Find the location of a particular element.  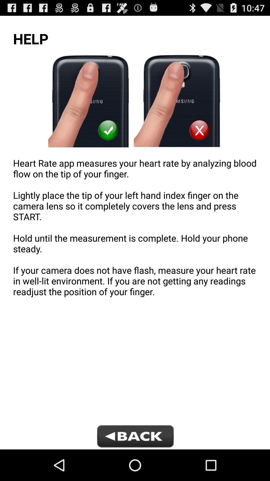

go back is located at coordinates (135, 437).